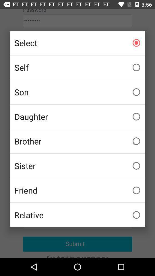  What do you see at coordinates (77, 166) in the screenshot?
I see `sister` at bounding box center [77, 166].